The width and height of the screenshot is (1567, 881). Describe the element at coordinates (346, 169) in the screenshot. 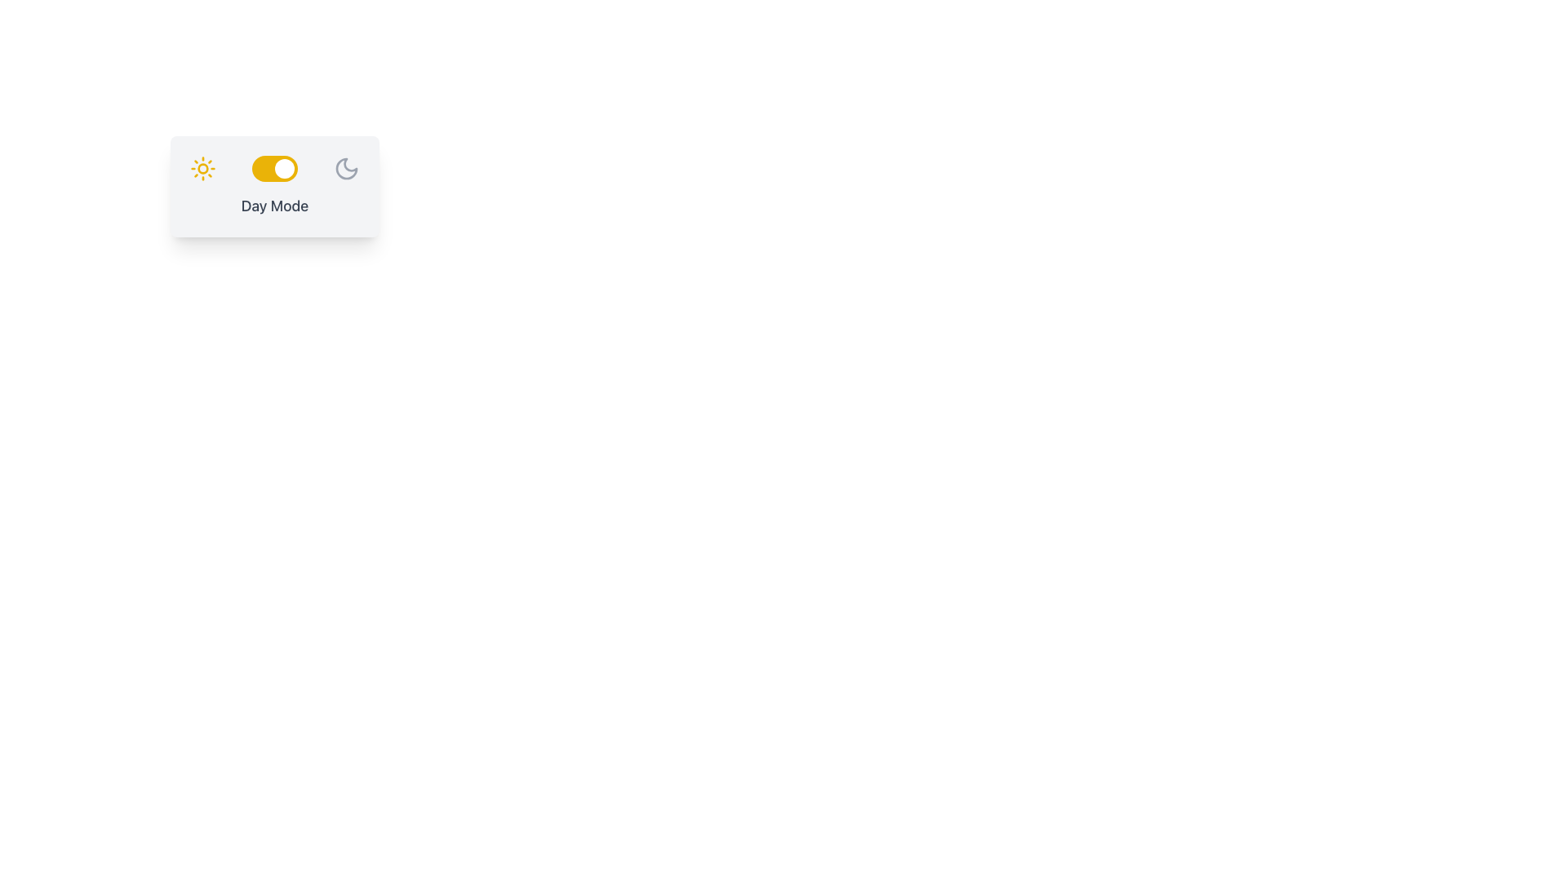

I see `the moon-shaped icon with a gray outline located on the far right of a group containing a sun icon and a toggle switch` at that location.